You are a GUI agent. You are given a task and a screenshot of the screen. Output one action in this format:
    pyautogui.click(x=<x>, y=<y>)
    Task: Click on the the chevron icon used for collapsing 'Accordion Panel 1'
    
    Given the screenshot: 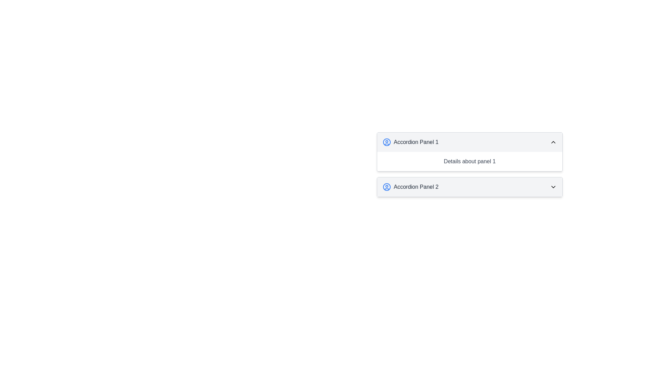 What is the action you would take?
    pyautogui.click(x=553, y=142)
    